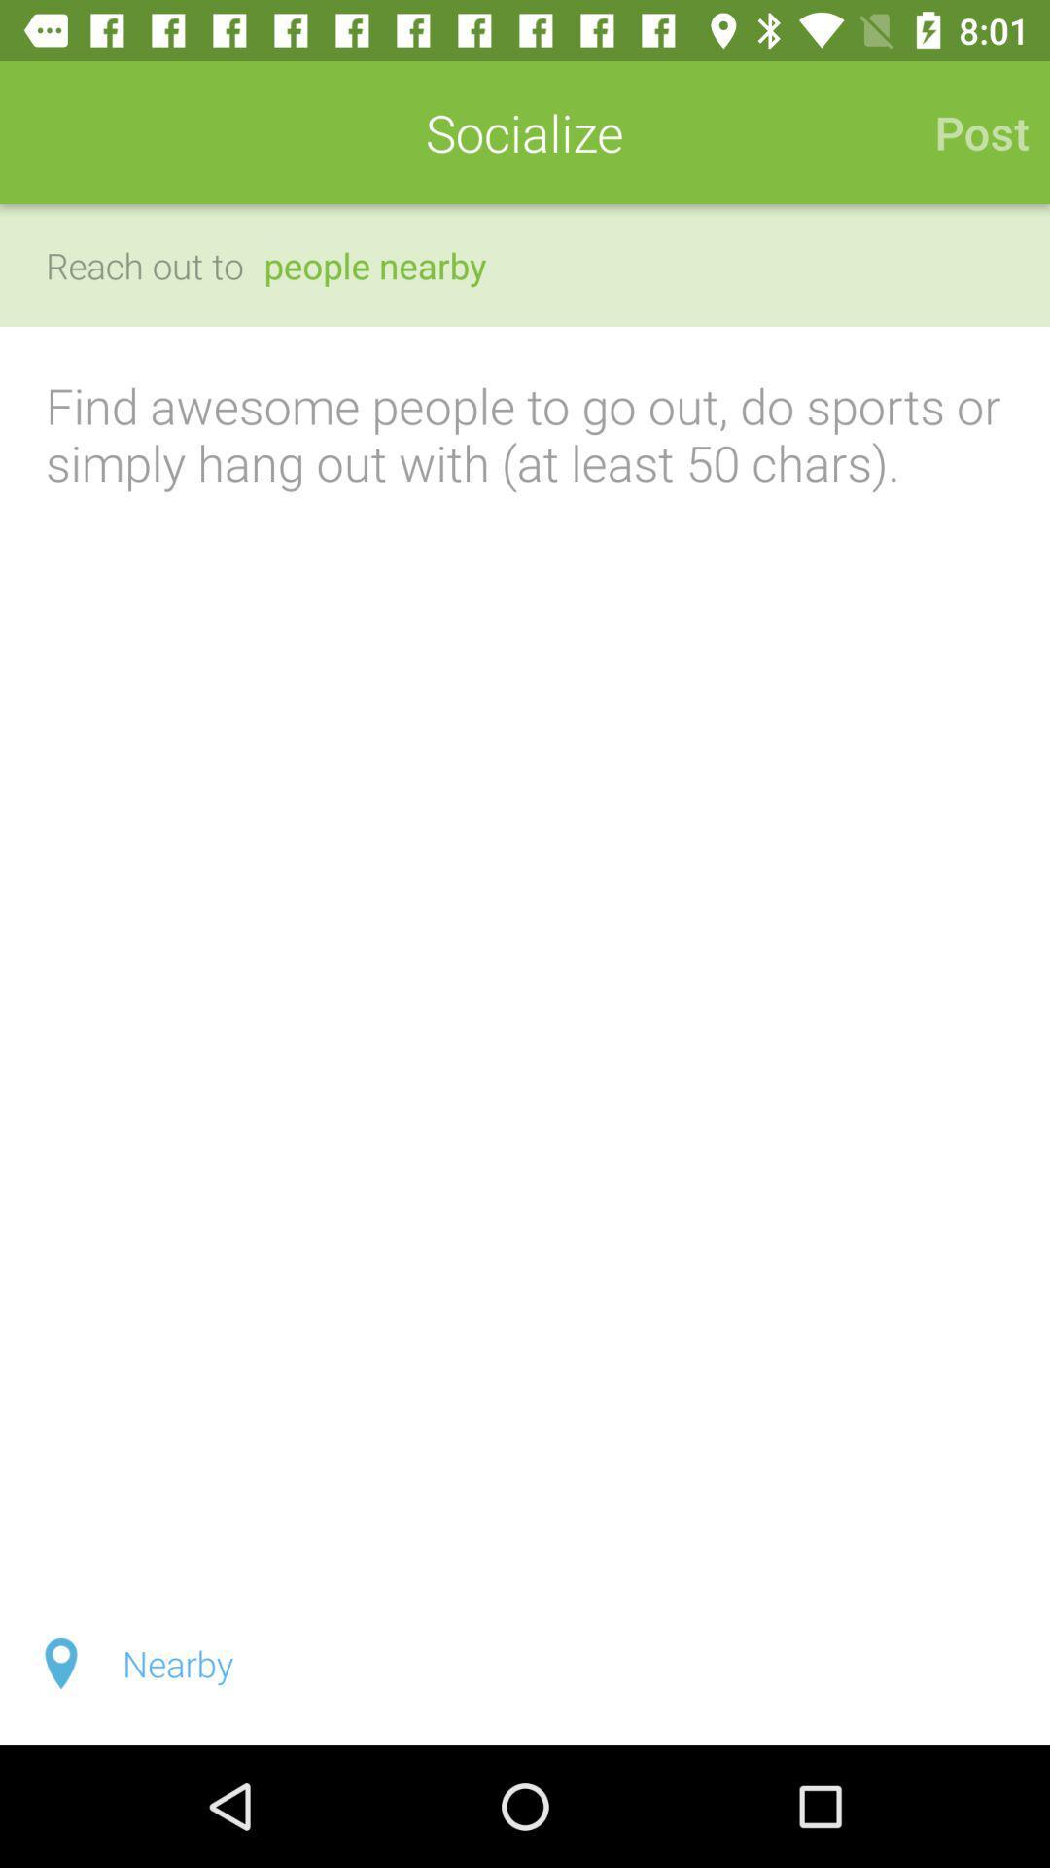 This screenshot has width=1050, height=1868. Describe the element at coordinates (971, 131) in the screenshot. I see `item at the top right corner` at that location.